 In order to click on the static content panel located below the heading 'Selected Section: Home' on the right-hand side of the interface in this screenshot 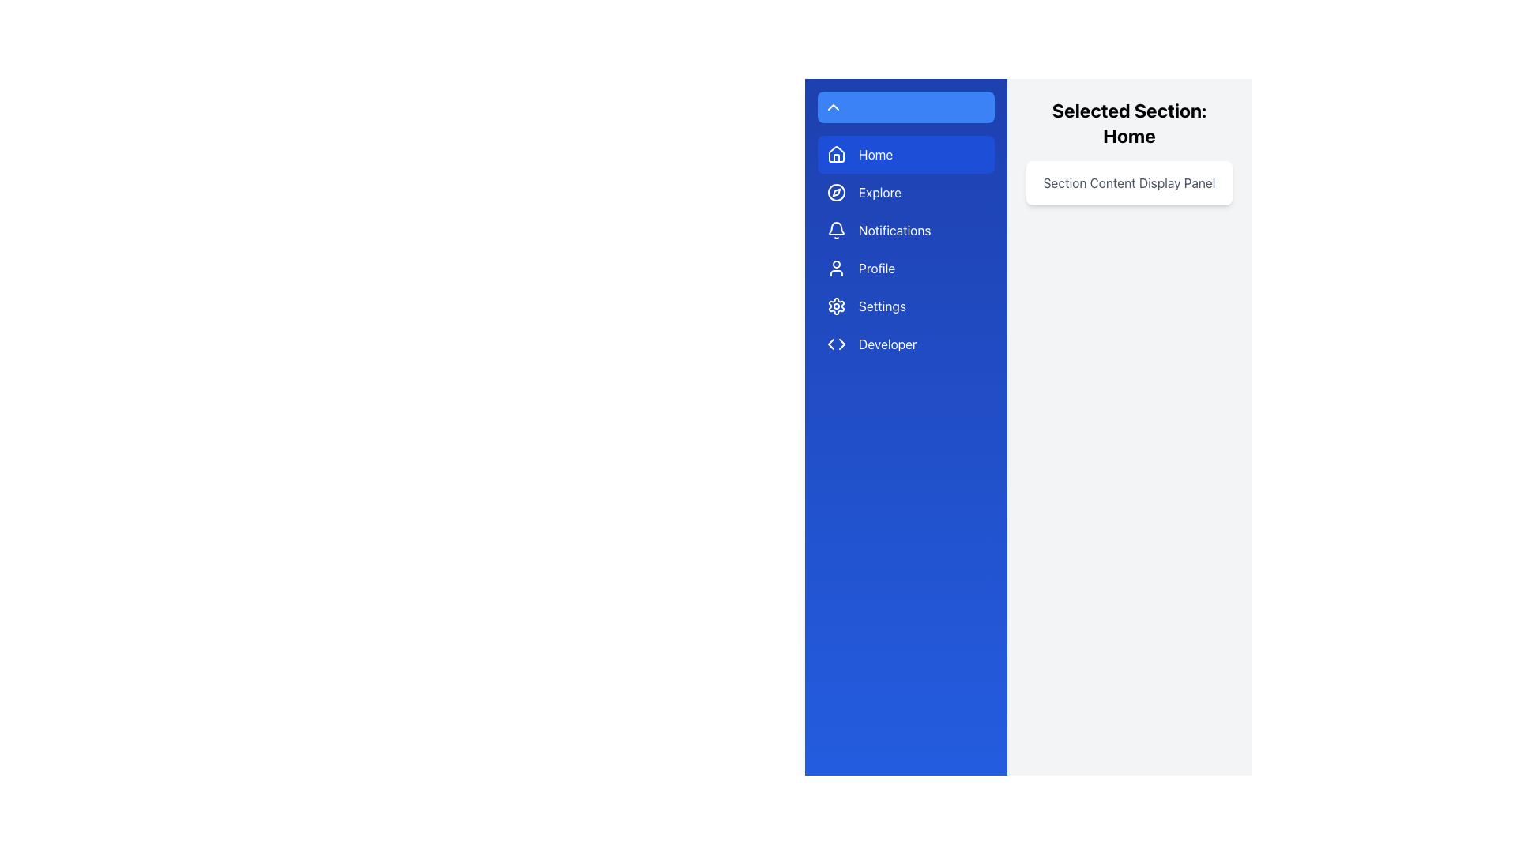, I will do `click(1128, 182)`.